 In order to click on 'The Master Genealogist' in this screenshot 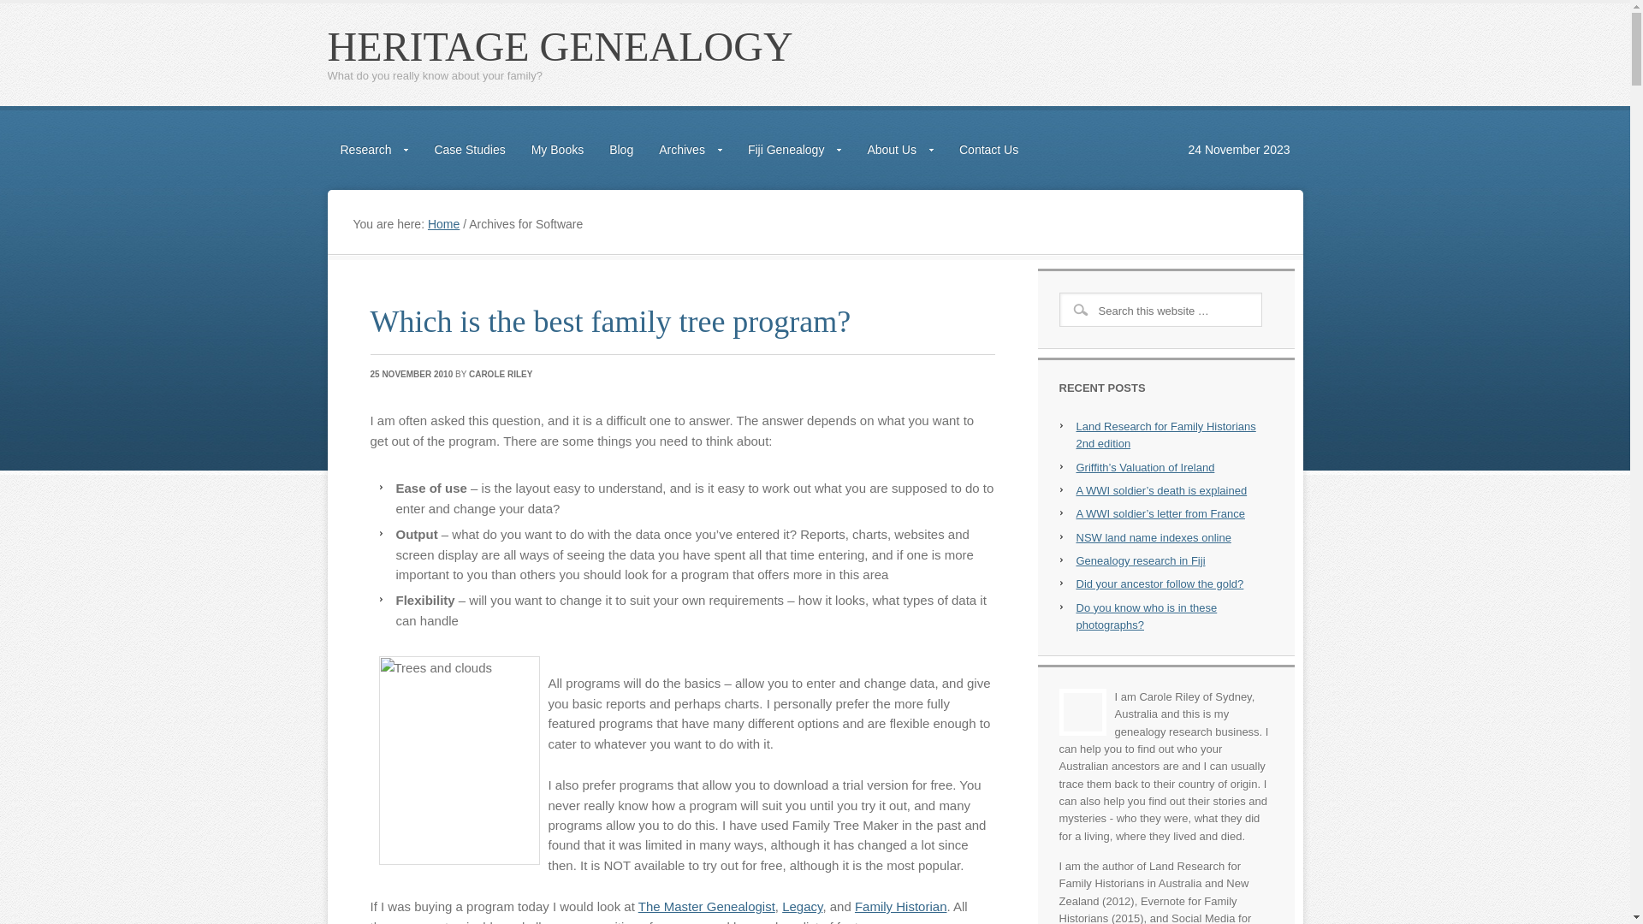, I will do `click(706, 905)`.